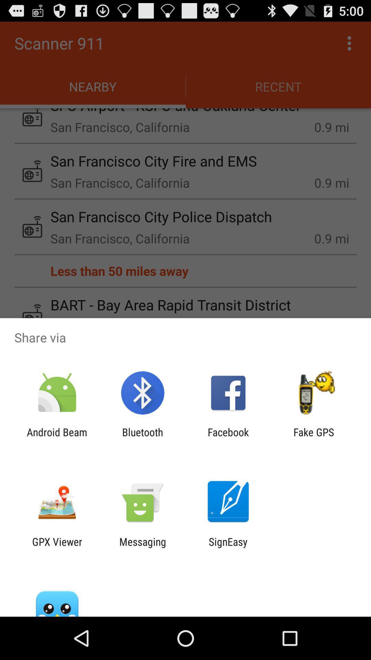 The width and height of the screenshot is (371, 660). What do you see at coordinates (142, 438) in the screenshot?
I see `the item to the right of the android beam item` at bounding box center [142, 438].